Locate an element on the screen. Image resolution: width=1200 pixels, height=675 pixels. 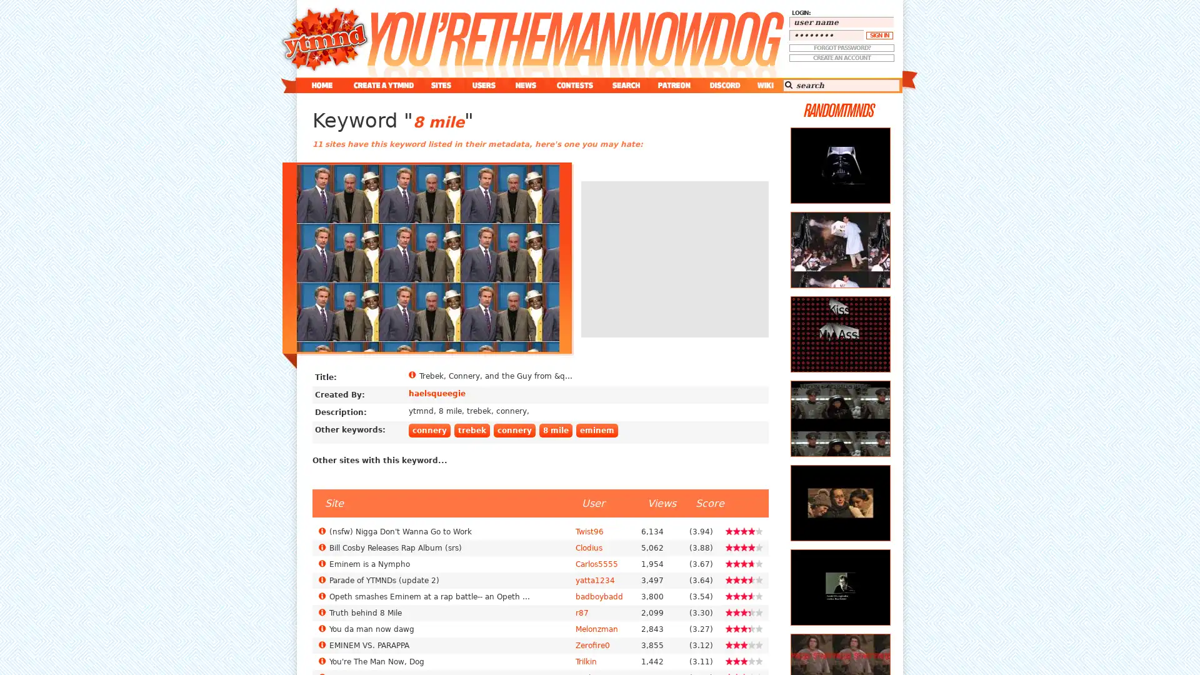
sign in is located at coordinates (879, 35).